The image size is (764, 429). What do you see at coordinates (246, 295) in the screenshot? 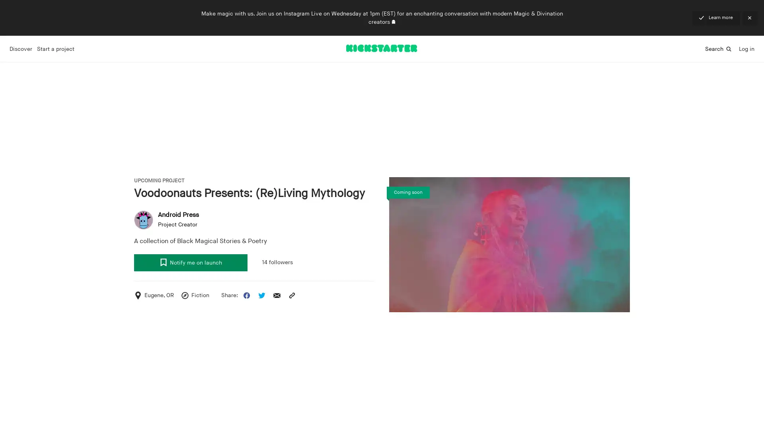
I see `Share this project on Facebook` at bounding box center [246, 295].